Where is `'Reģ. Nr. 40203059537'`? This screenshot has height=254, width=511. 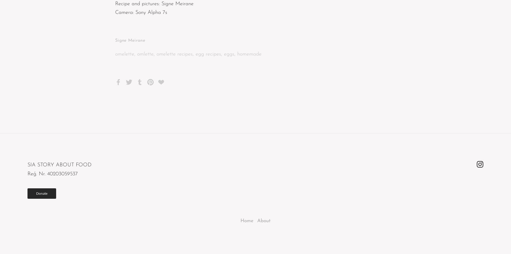 'Reģ. Nr. 40203059537' is located at coordinates (52, 174).